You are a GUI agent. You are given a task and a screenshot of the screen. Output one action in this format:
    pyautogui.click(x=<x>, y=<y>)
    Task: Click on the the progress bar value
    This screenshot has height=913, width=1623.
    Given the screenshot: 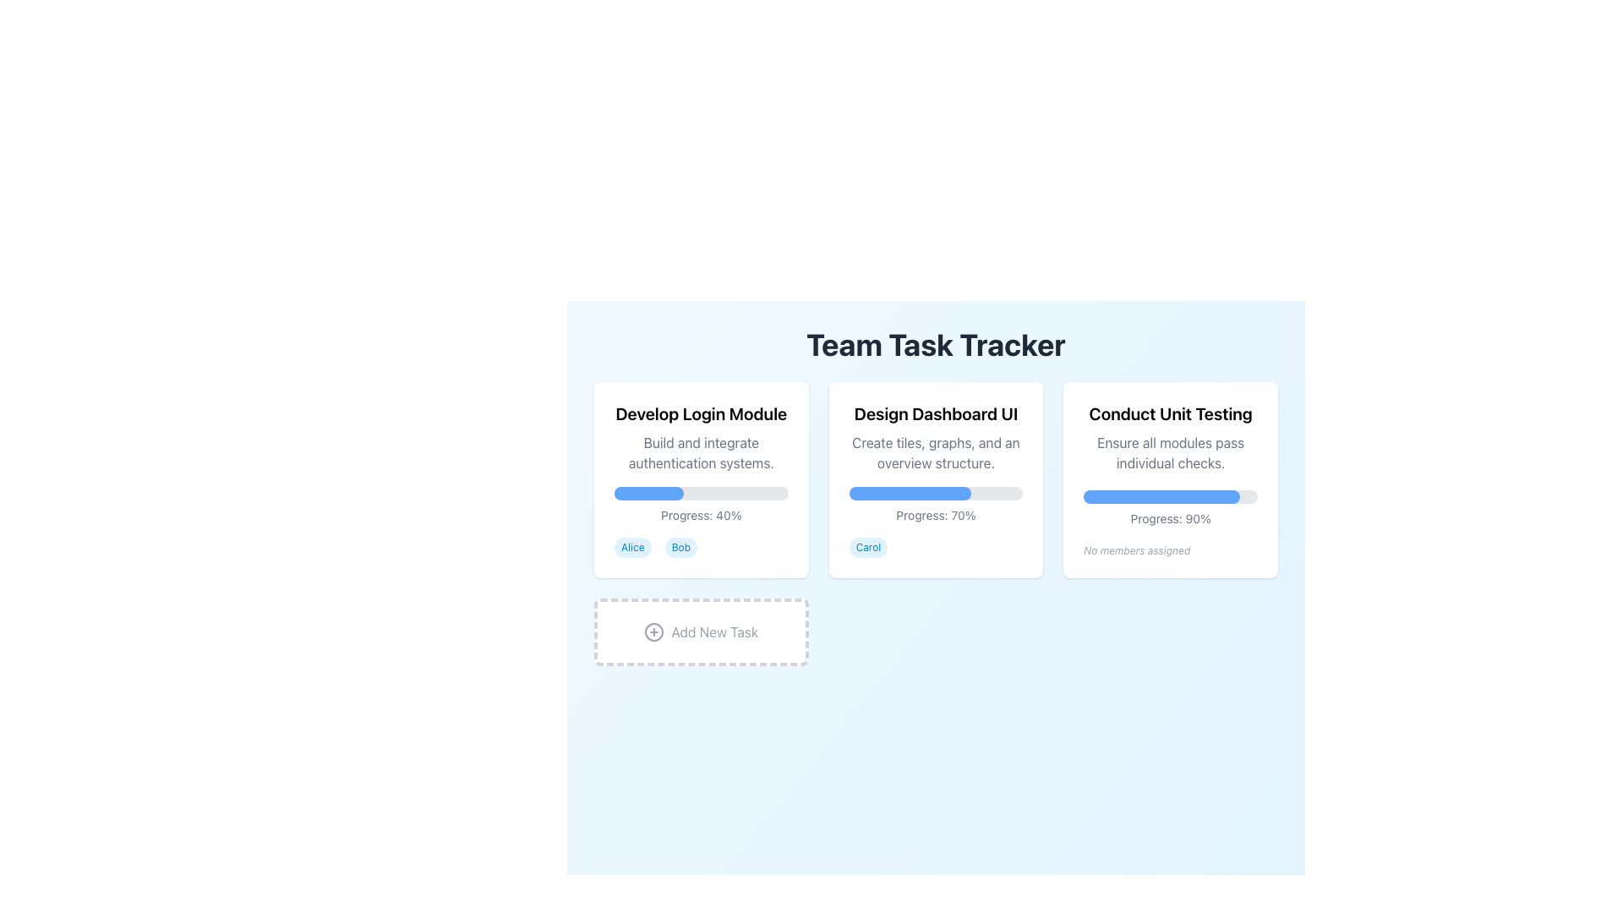 What is the action you would take?
    pyautogui.click(x=644, y=493)
    